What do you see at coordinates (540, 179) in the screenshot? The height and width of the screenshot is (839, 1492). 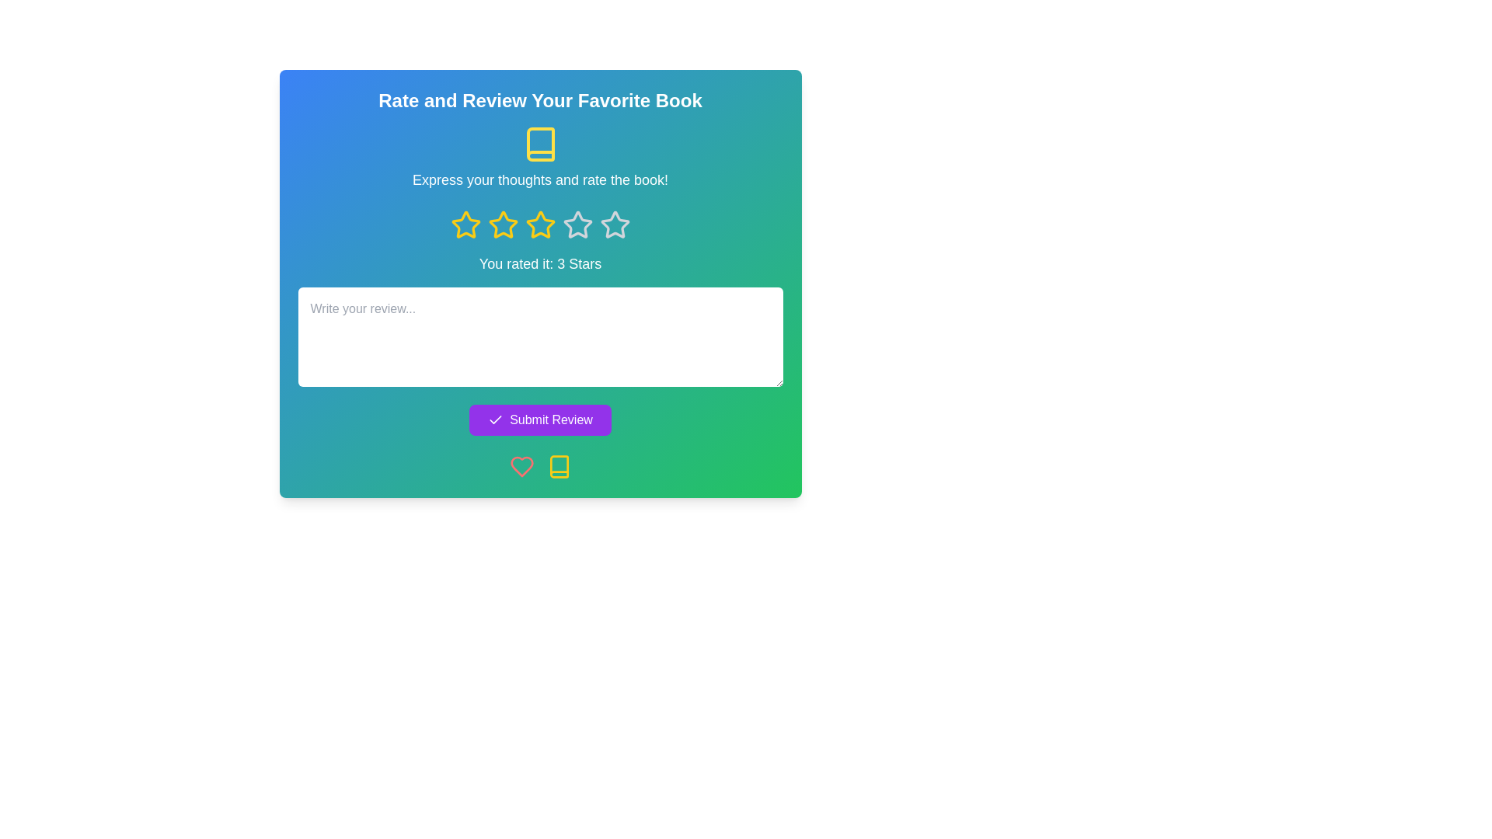 I see `the static text label that instructs users to express their opinions and rate a book, located centrally beneath a yellow book icon` at bounding box center [540, 179].